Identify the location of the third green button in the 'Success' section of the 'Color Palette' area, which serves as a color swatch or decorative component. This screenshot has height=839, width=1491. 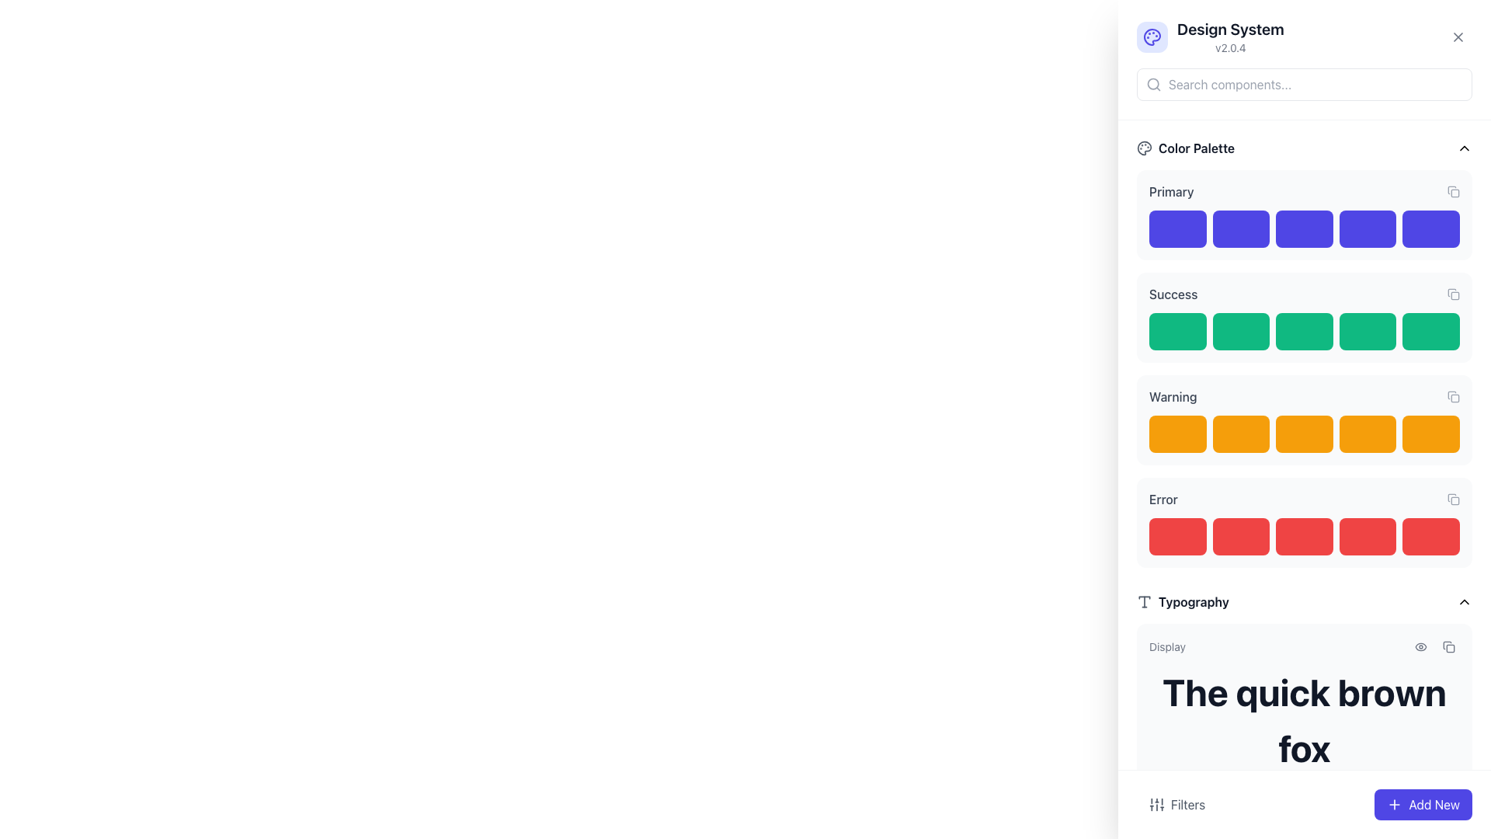
(1305, 331).